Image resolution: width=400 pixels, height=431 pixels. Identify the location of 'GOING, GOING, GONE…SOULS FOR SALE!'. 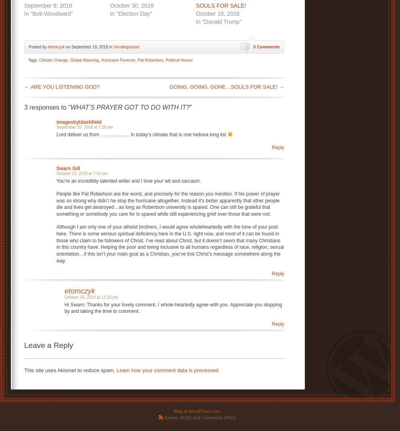
(224, 86).